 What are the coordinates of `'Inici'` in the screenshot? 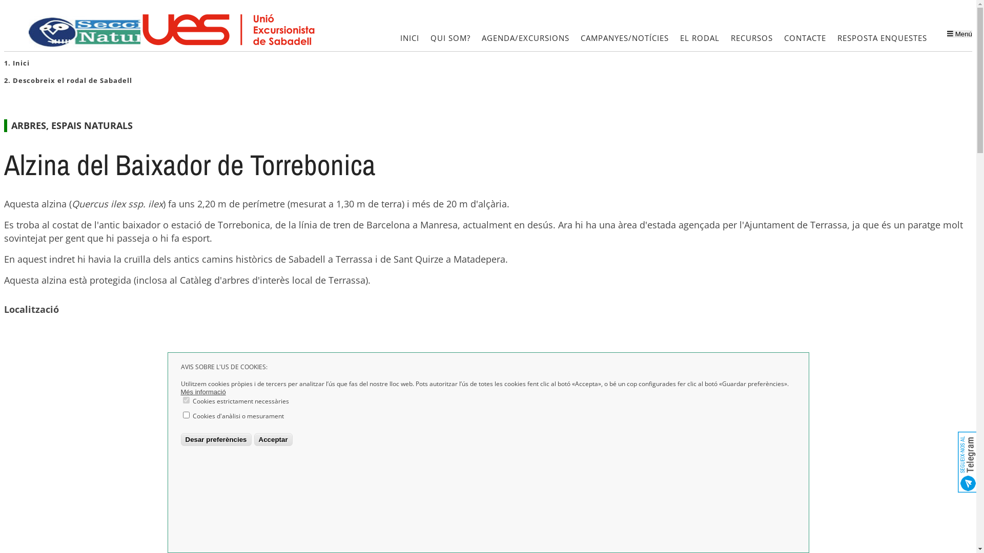 It's located at (12, 63).